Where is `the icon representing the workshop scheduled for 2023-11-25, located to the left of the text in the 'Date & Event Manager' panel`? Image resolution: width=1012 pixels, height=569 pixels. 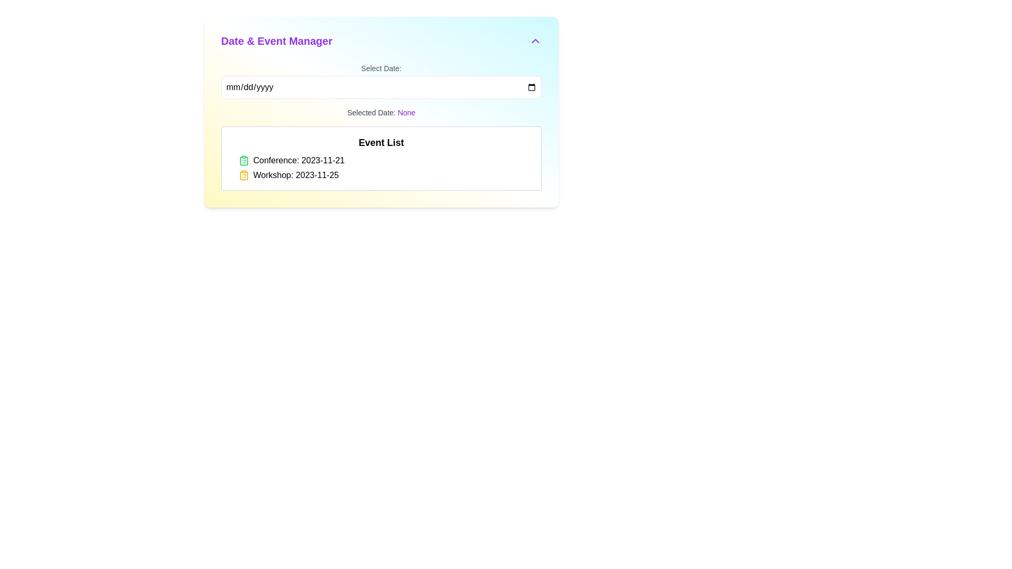 the icon representing the workshop scheduled for 2023-11-25, located to the left of the text in the 'Date & Event Manager' panel is located at coordinates (243, 174).